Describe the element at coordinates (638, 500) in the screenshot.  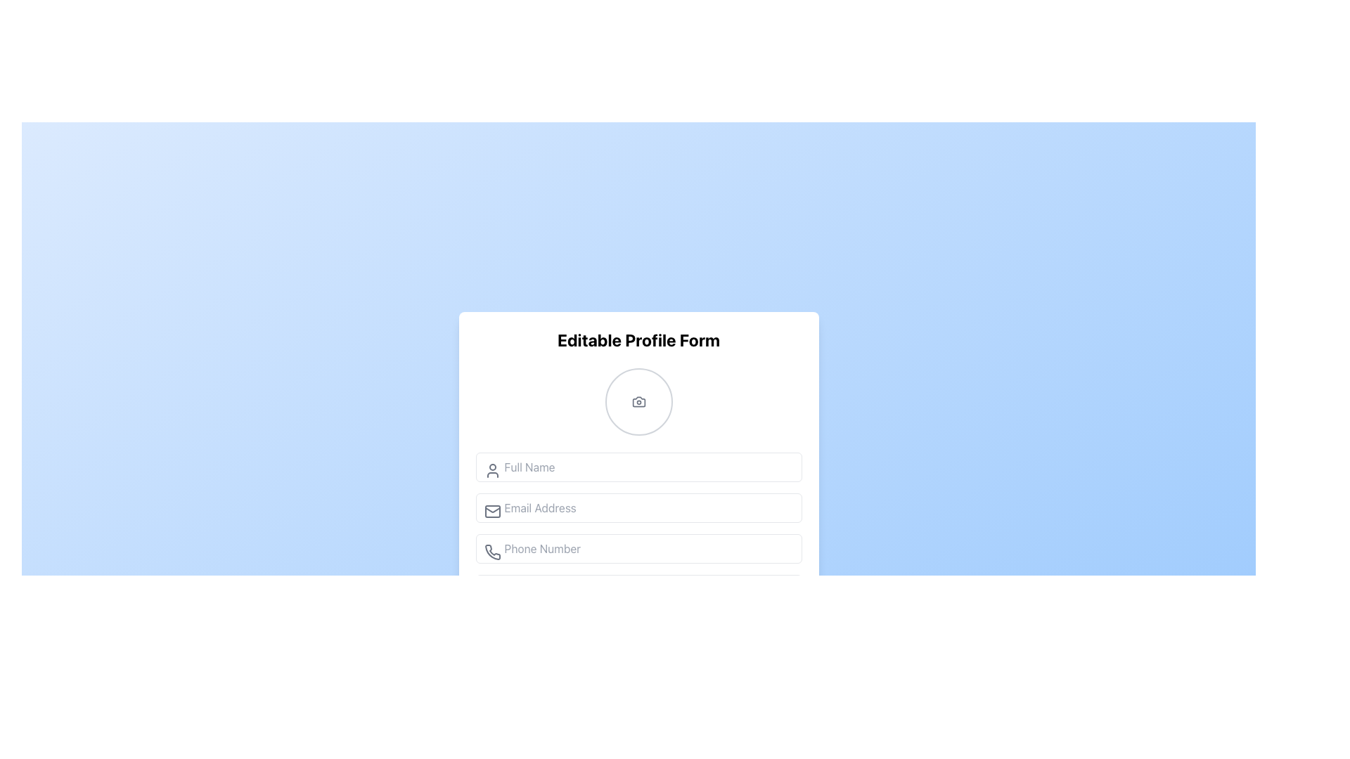
I see `the email input field located in the 'Editable Profile Form', which is the second input field below 'Full Name' and above 'Phone Number'` at that location.